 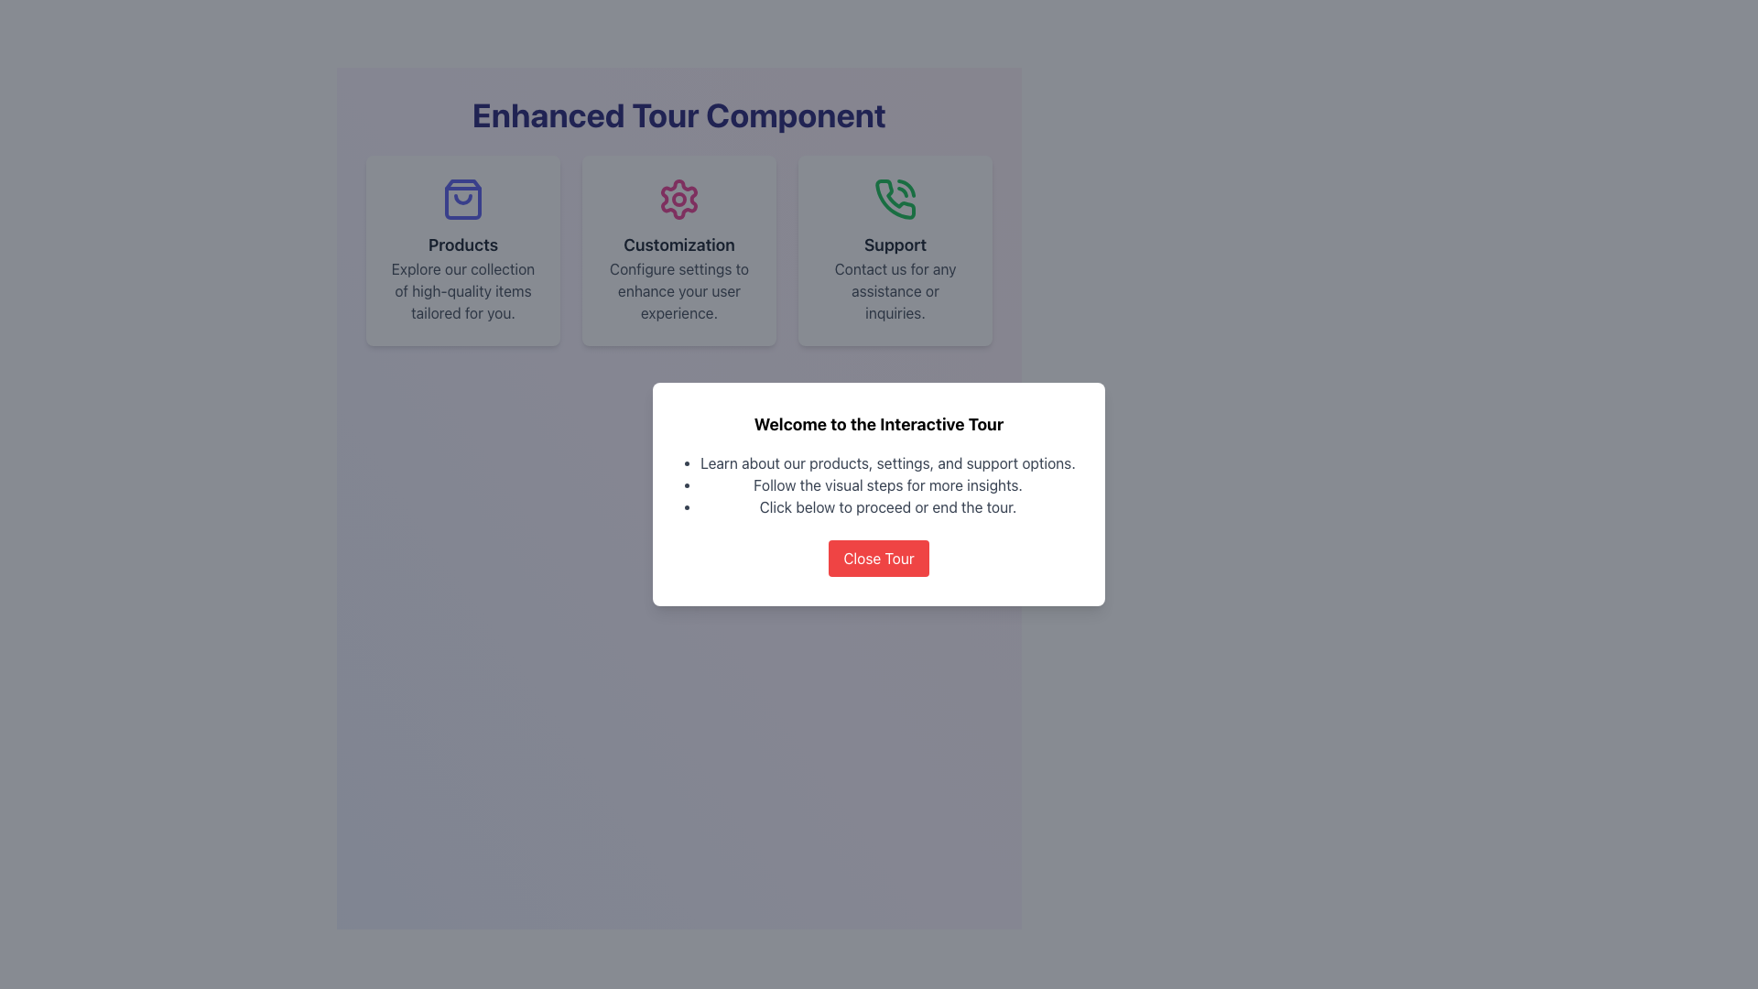 I want to click on the 'Products' Card component to focus or highlight it, which is the first in a group of three horizontally aligned cards, so click(x=462, y=250).